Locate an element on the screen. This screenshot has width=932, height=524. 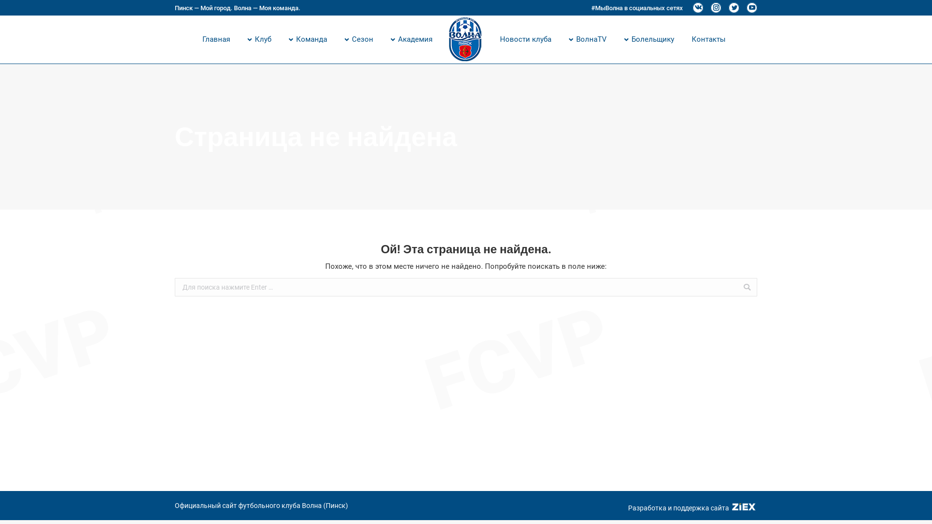
'YouTube' is located at coordinates (746, 7).